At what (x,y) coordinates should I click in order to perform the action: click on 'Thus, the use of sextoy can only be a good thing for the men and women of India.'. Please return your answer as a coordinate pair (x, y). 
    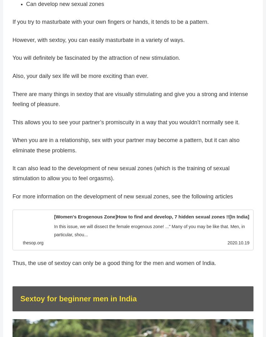
    Looking at the image, I should click on (114, 263).